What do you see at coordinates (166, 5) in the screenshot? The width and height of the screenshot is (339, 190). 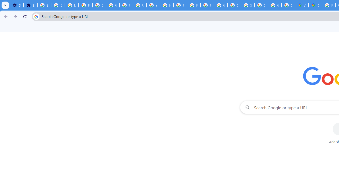 I see `'https://scholar.google.com/'` at bounding box center [166, 5].